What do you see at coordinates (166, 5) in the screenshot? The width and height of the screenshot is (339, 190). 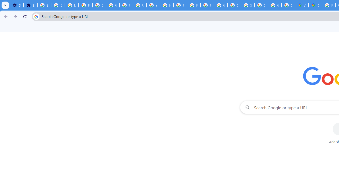 I see `'https://scholar.google.com/'` at bounding box center [166, 5].